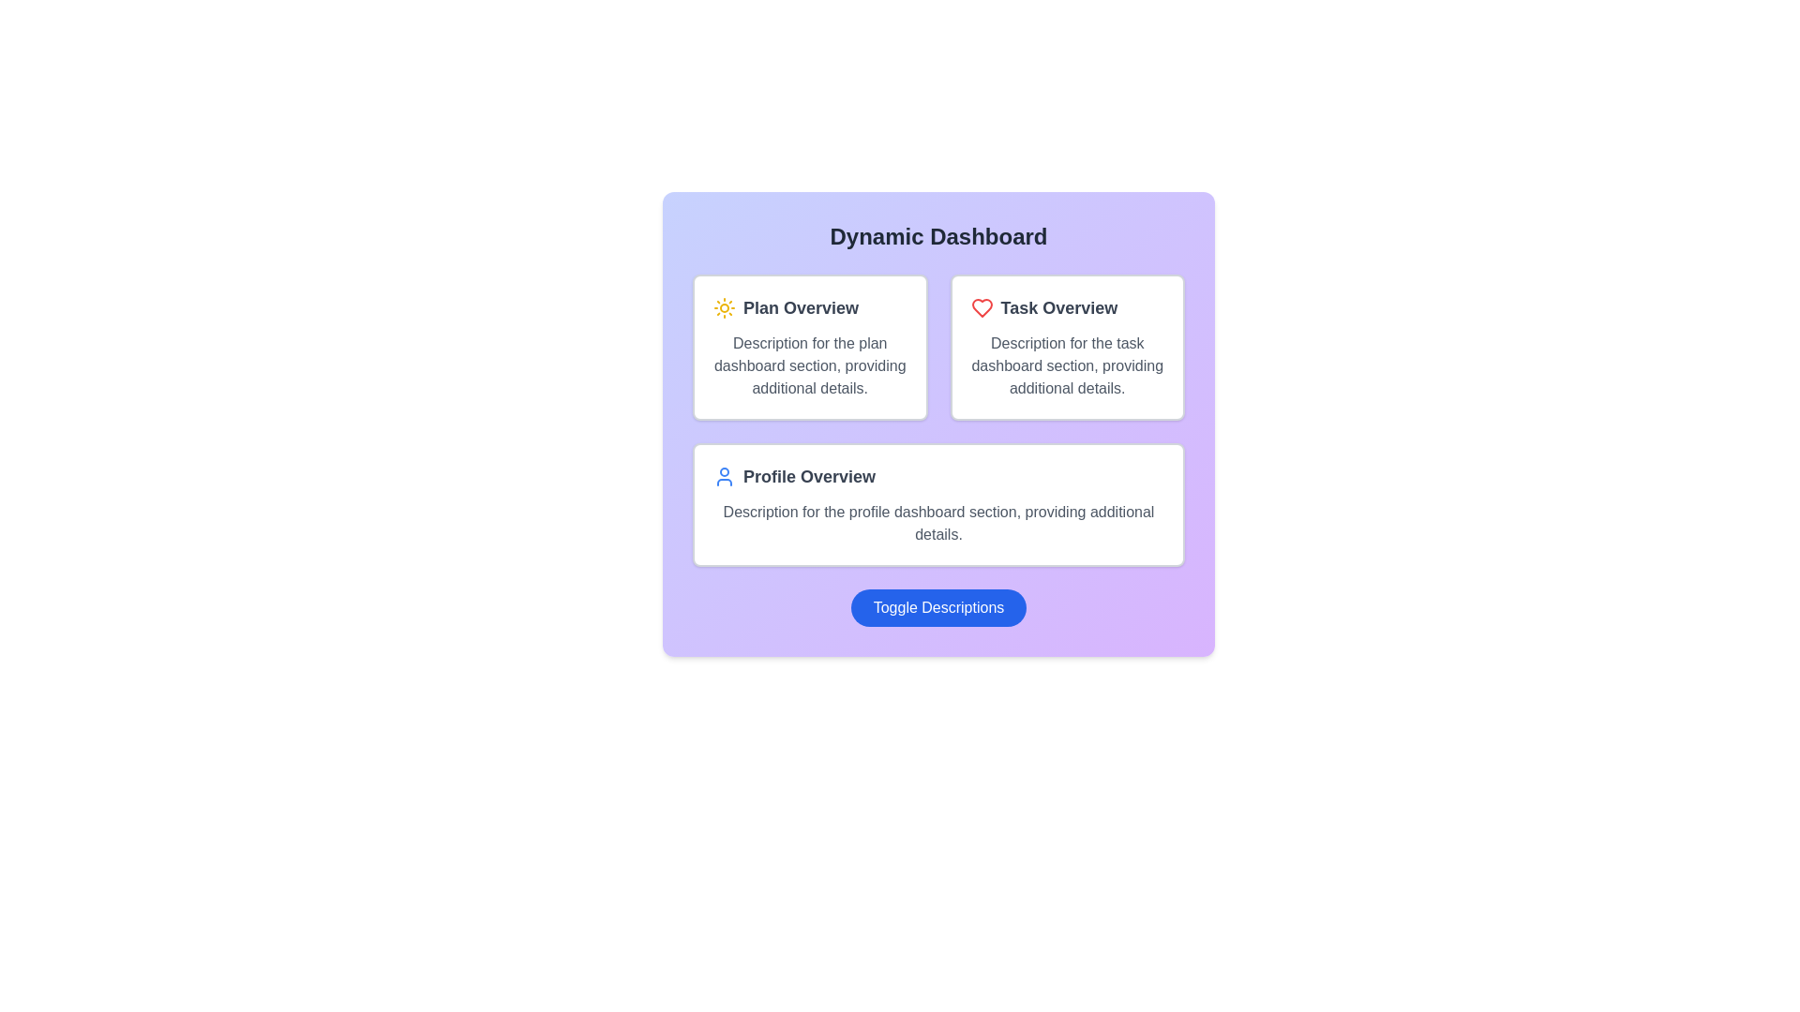 The image size is (1800, 1012). What do you see at coordinates (801, 306) in the screenshot?
I see `the bold text label reading 'Plan Overview' which is prominently displayed in dark gray within the top-left card of the grid` at bounding box center [801, 306].